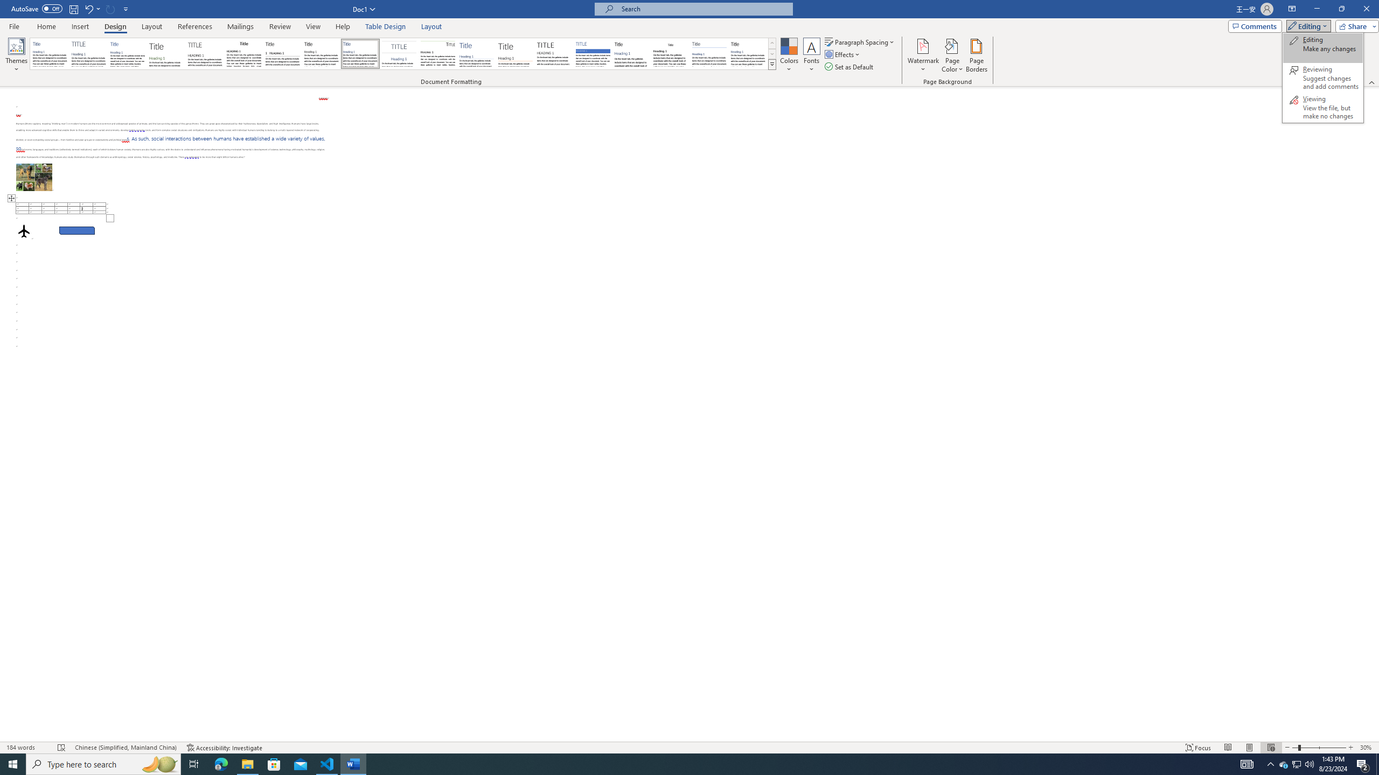 The height and width of the screenshot is (775, 1379). Describe the element at coordinates (282, 53) in the screenshot. I see `'Black & White (Numbered)'` at that location.